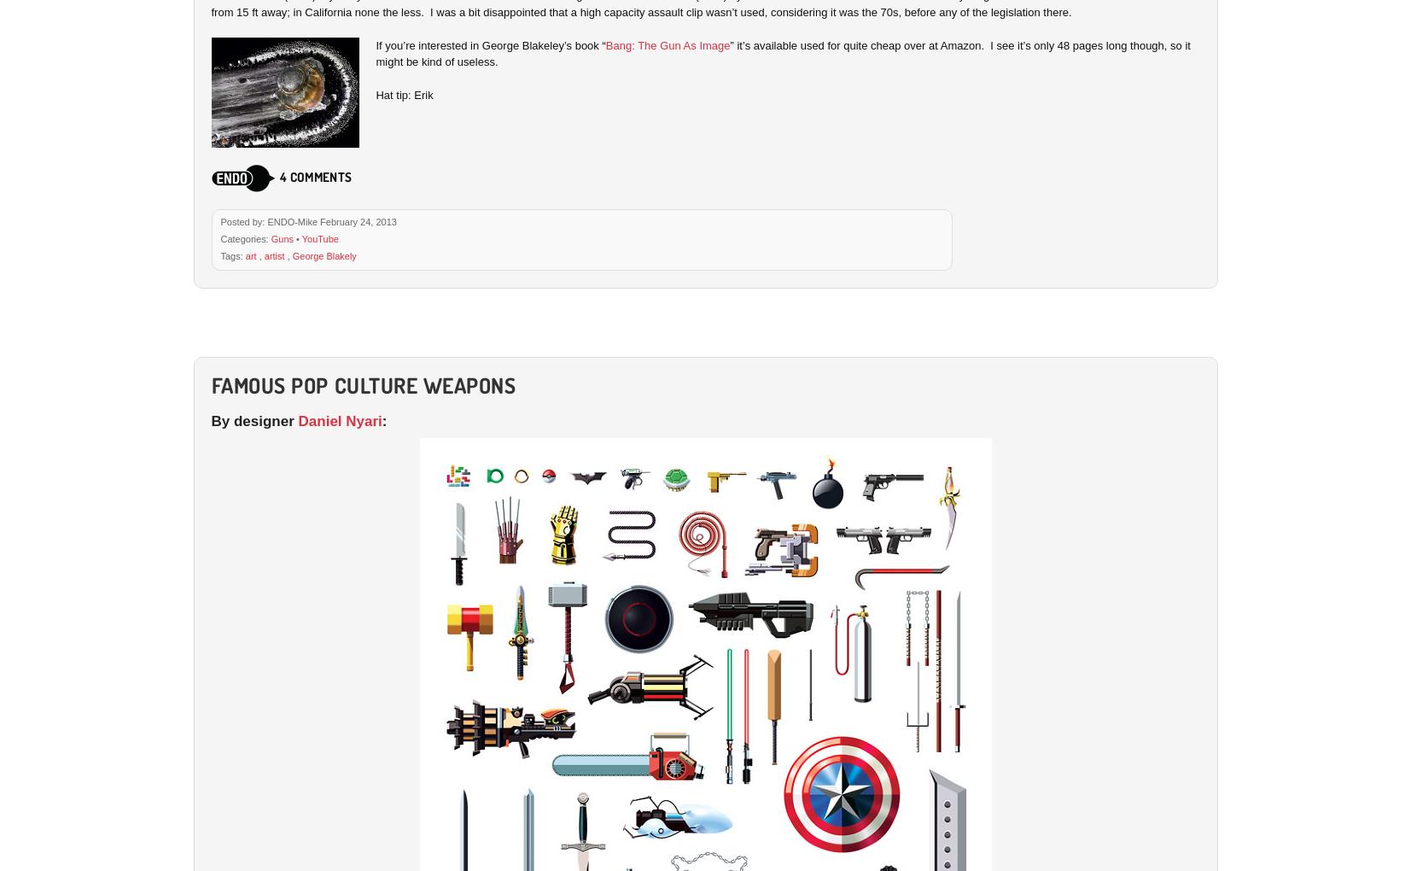 This screenshot has width=1411, height=871. I want to click on 'Daniel Nyari', so click(339, 421).